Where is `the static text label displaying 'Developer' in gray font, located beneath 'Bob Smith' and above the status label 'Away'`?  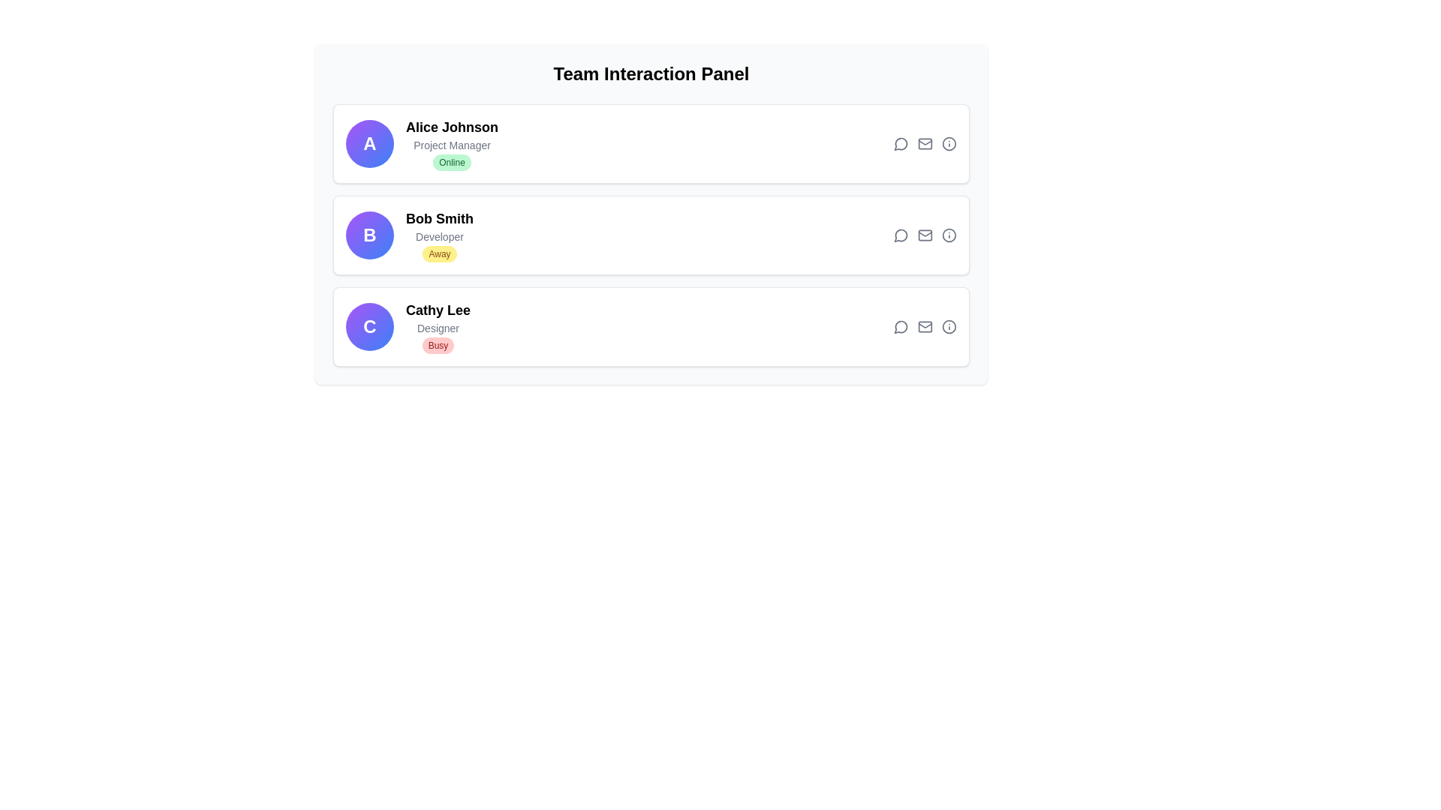
the static text label displaying 'Developer' in gray font, located beneath 'Bob Smith' and above the status label 'Away' is located at coordinates (438, 236).